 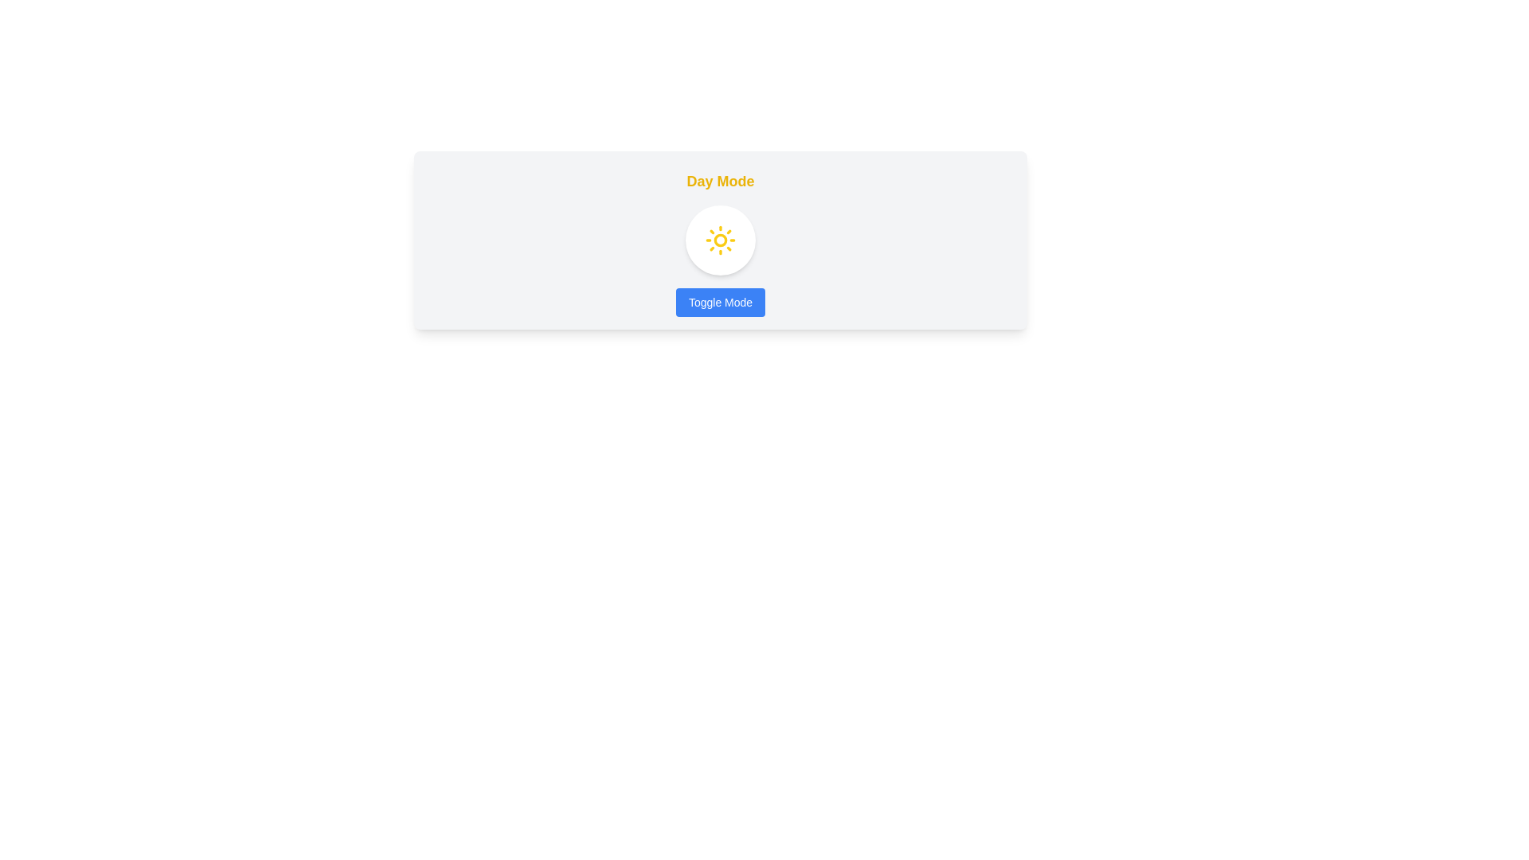 I want to click on the yellow sun icon with animated rays, centrally located within a circular white background, positioned below the 'Day Mode' text label and above the 'Toggle Mode' button, so click(x=720, y=240).